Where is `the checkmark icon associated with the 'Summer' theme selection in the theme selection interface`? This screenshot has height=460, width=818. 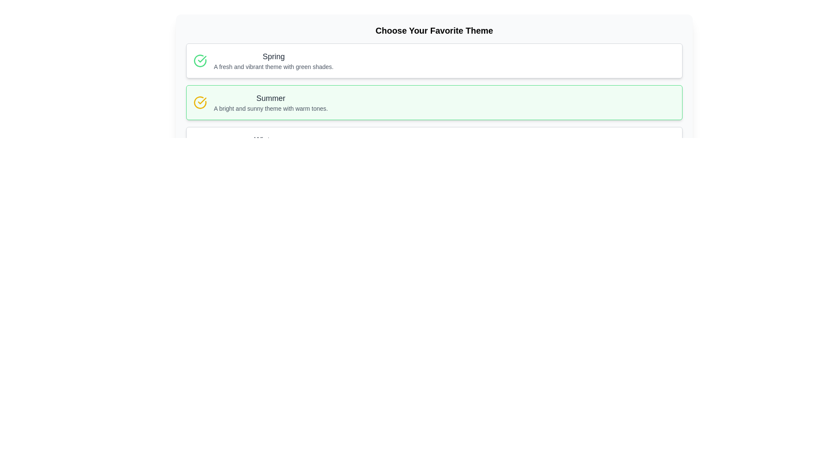
the checkmark icon associated with the 'Summer' theme selection in the theme selection interface is located at coordinates (202, 58).